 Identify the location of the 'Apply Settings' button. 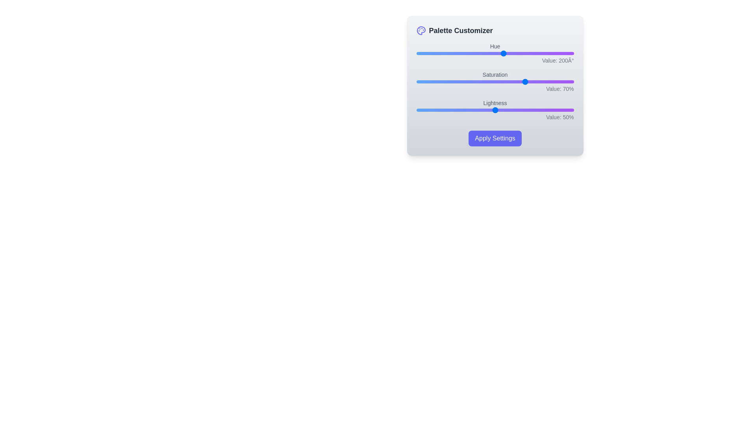
(495, 138).